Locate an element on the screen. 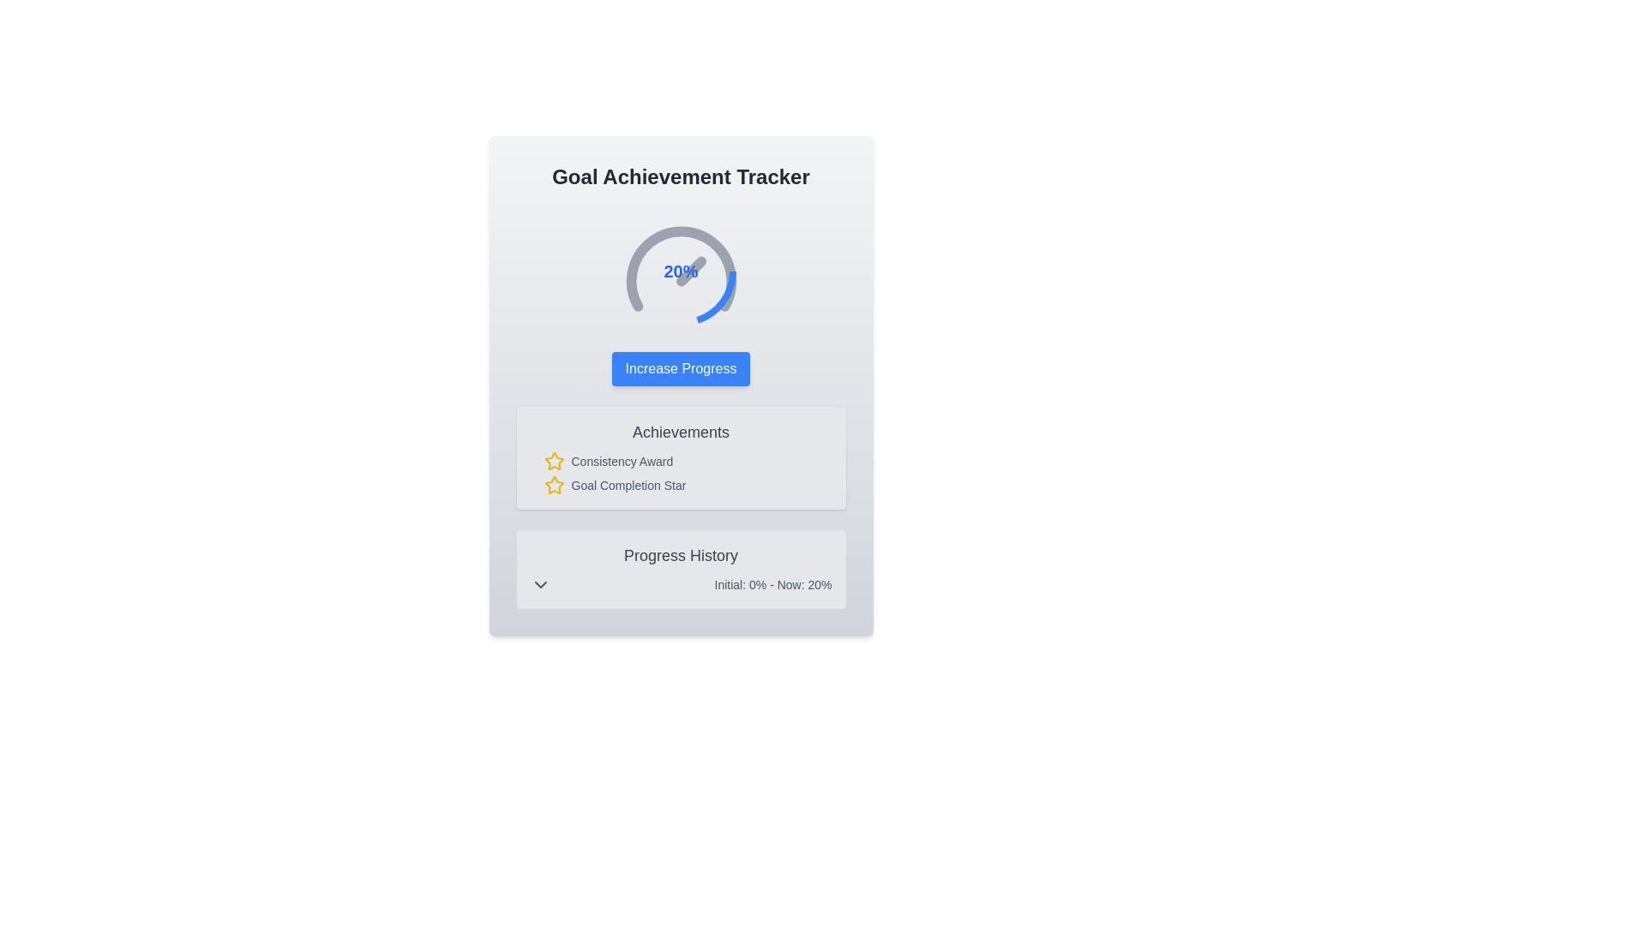  progress details displayed on the 'Progress History' panel, which shows 'Initial: 0% - Now: 20%' is located at coordinates (680, 569).